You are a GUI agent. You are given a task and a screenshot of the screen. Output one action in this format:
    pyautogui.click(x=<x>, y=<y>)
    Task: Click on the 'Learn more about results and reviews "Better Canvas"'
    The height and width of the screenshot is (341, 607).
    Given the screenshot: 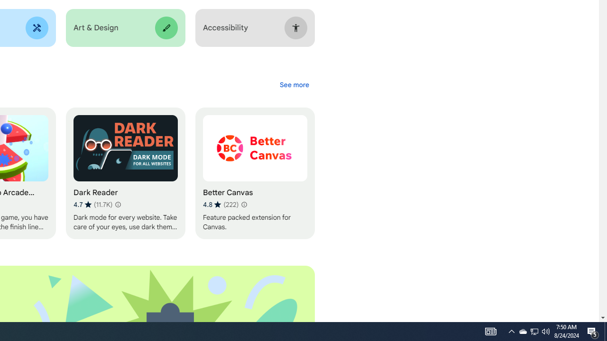 What is the action you would take?
    pyautogui.click(x=243, y=204)
    